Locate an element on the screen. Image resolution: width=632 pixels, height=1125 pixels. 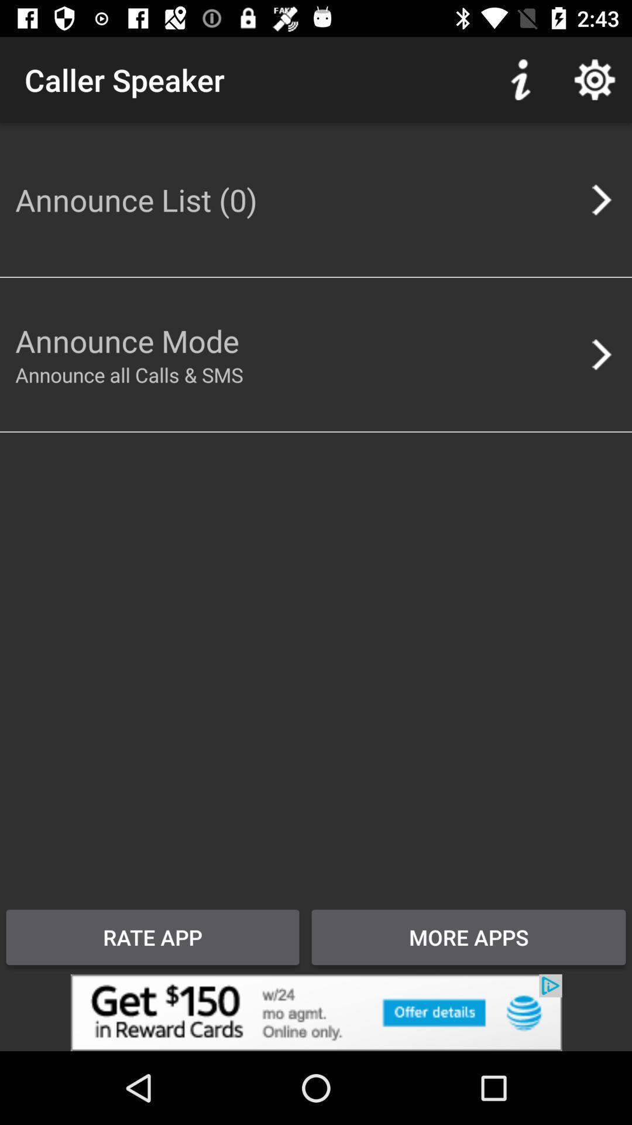
caller name sms talker is located at coordinates (316, 1012).